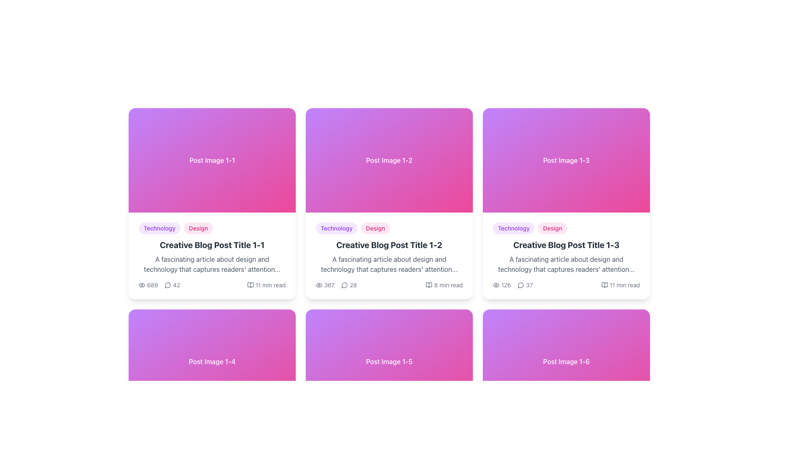 The image size is (802, 451). I want to click on the static visual header with text that summarizes the blog post content located in the second row and third column of a 2x3 grid layout, so click(388, 361).